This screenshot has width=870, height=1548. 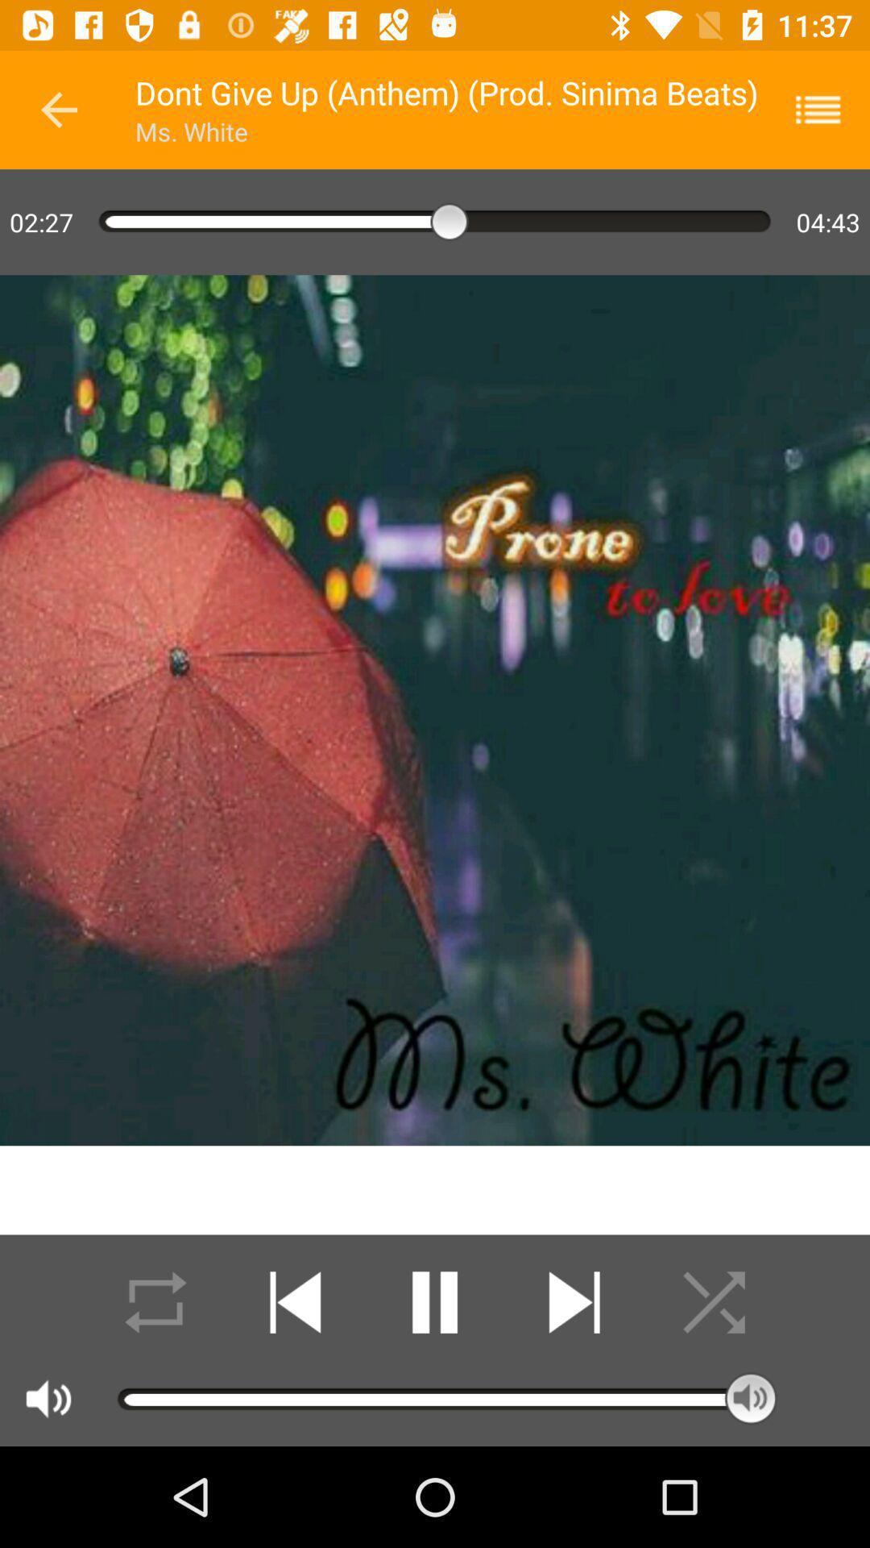 What do you see at coordinates (295, 1302) in the screenshot?
I see `the skip_previous icon` at bounding box center [295, 1302].